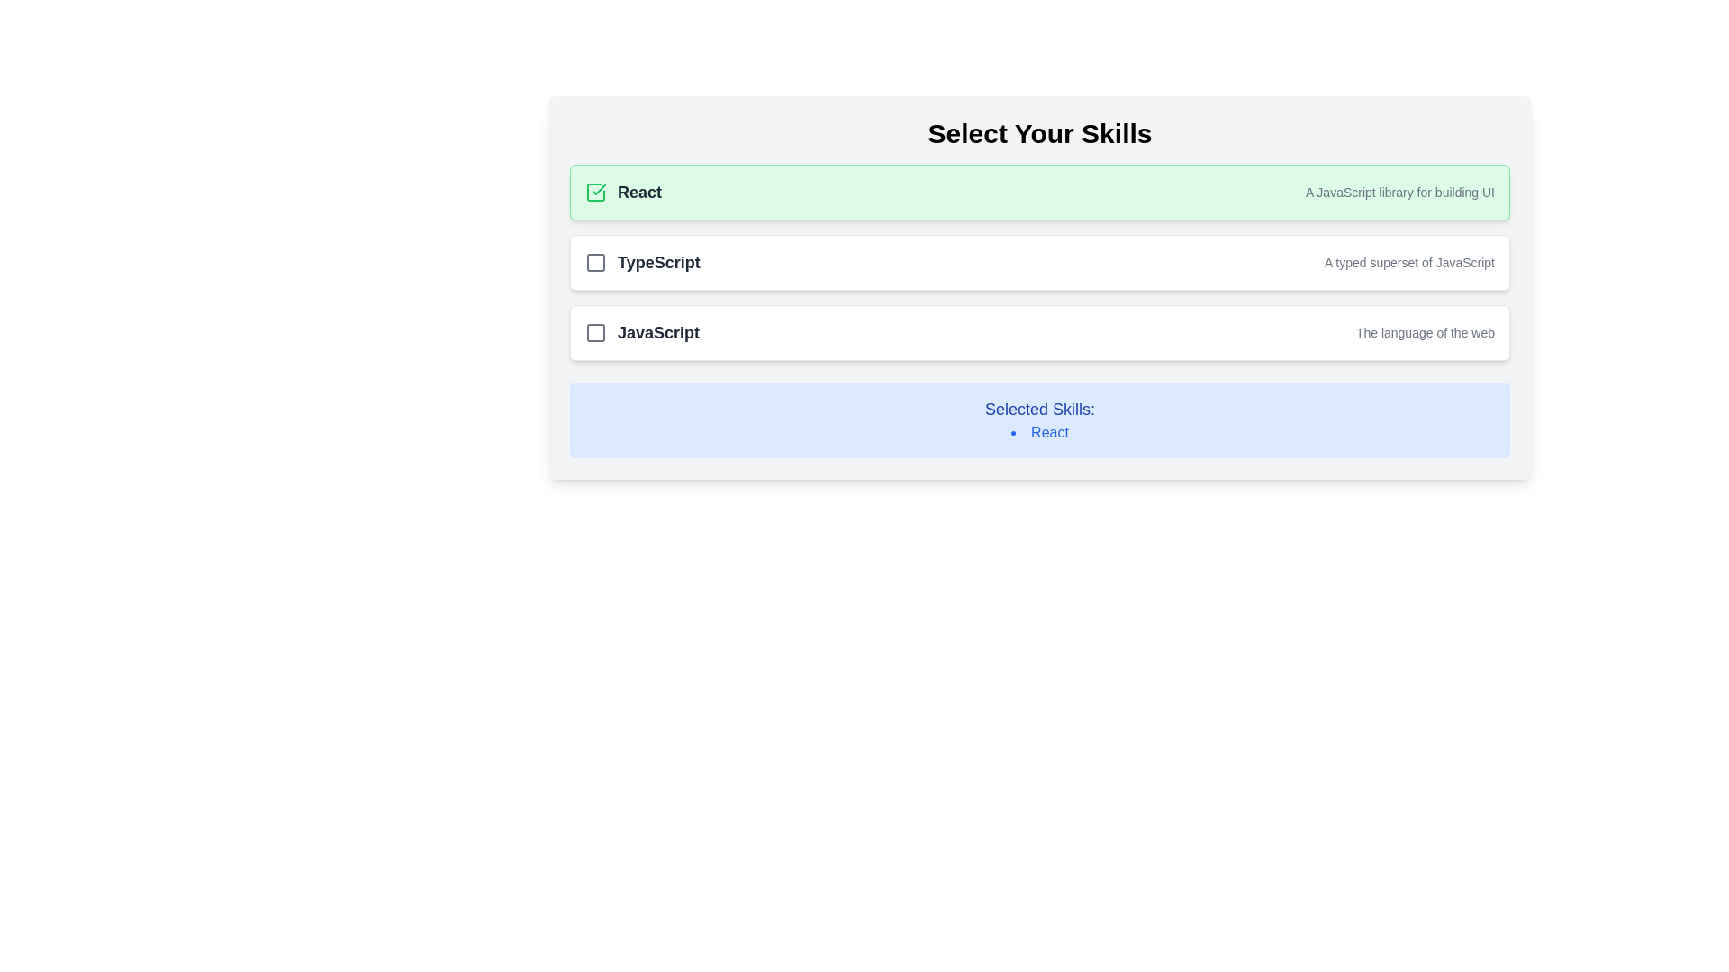  Describe the element at coordinates (623, 192) in the screenshot. I see `the textual content of the Text Label that displays 'React' and is accompanied by a green checkmark icon, located in the top section of the interface` at that location.